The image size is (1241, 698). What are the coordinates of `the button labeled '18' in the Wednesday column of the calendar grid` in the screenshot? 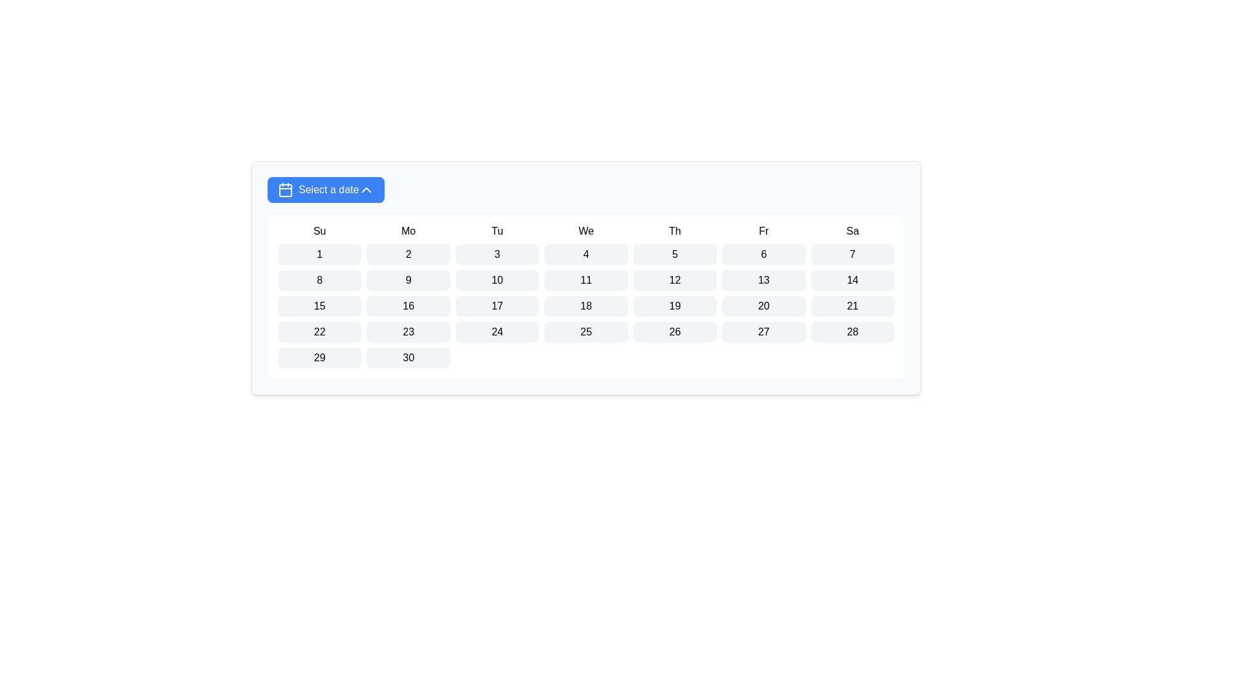 It's located at (586, 306).